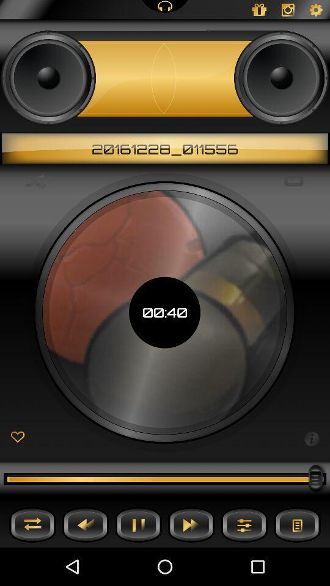  I want to click on rewind the audio, so click(85, 524).